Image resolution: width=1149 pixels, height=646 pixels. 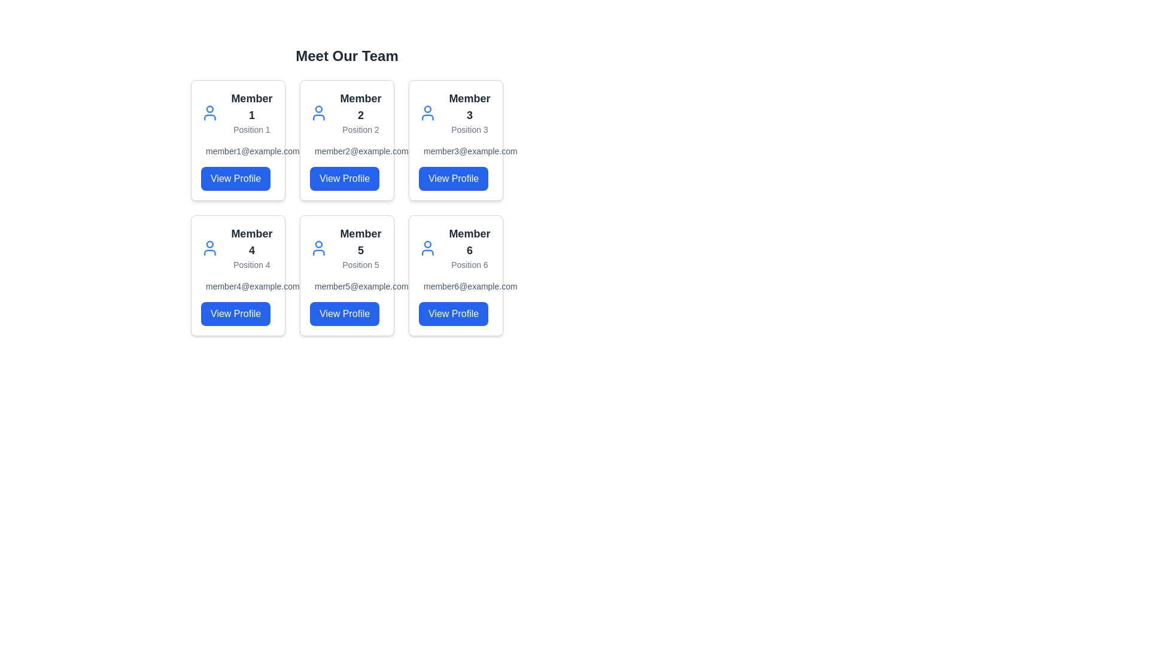 I want to click on the text label displaying the email address of Member 5, located below 'Position 5' and above the 'View Profile' button, so click(x=346, y=286).